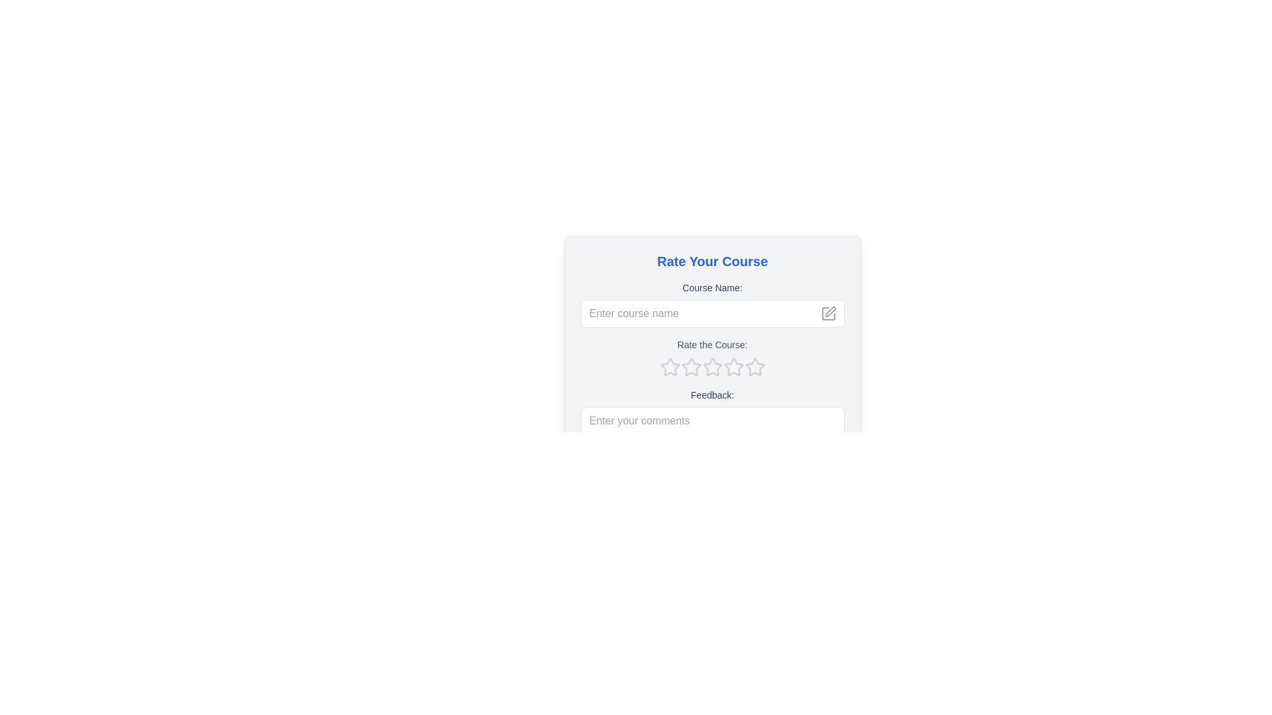 This screenshot has height=715, width=1272. What do you see at coordinates (755, 367) in the screenshot?
I see `the fifth hollow star-shaped rating icon outlined in gray located beneath the 'Rate the Course' label` at bounding box center [755, 367].